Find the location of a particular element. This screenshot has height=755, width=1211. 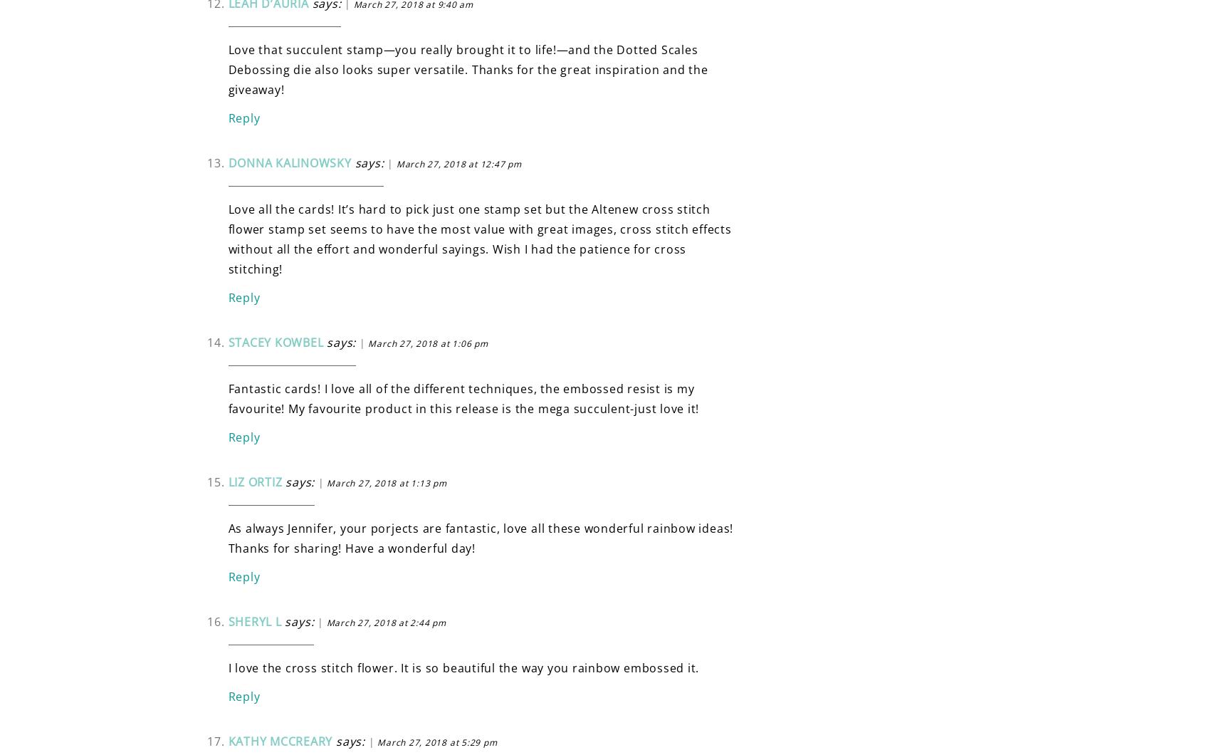

'March 27, 2018 at 1:13 pm' is located at coordinates (386, 481).